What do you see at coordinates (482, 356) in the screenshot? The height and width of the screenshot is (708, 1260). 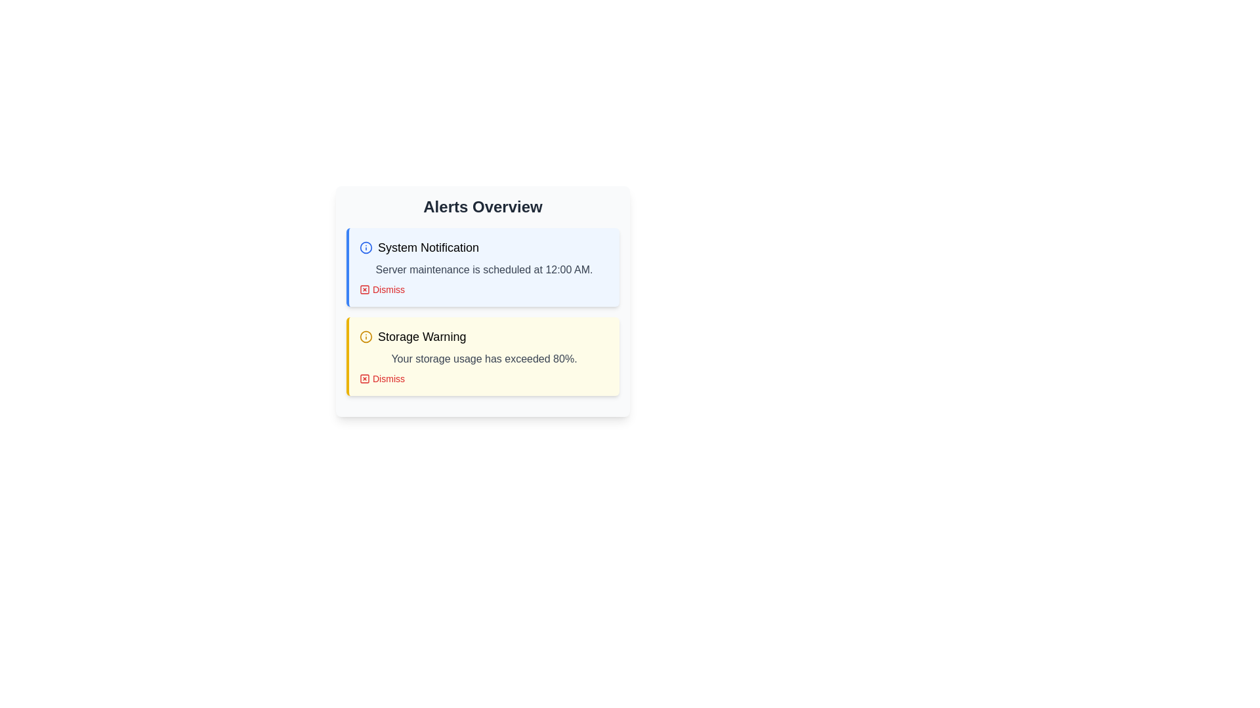 I see `the second alert box in the 'Alerts Overview' section that notifies the user about storage usage exceeding 80%` at bounding box center [482, 356].